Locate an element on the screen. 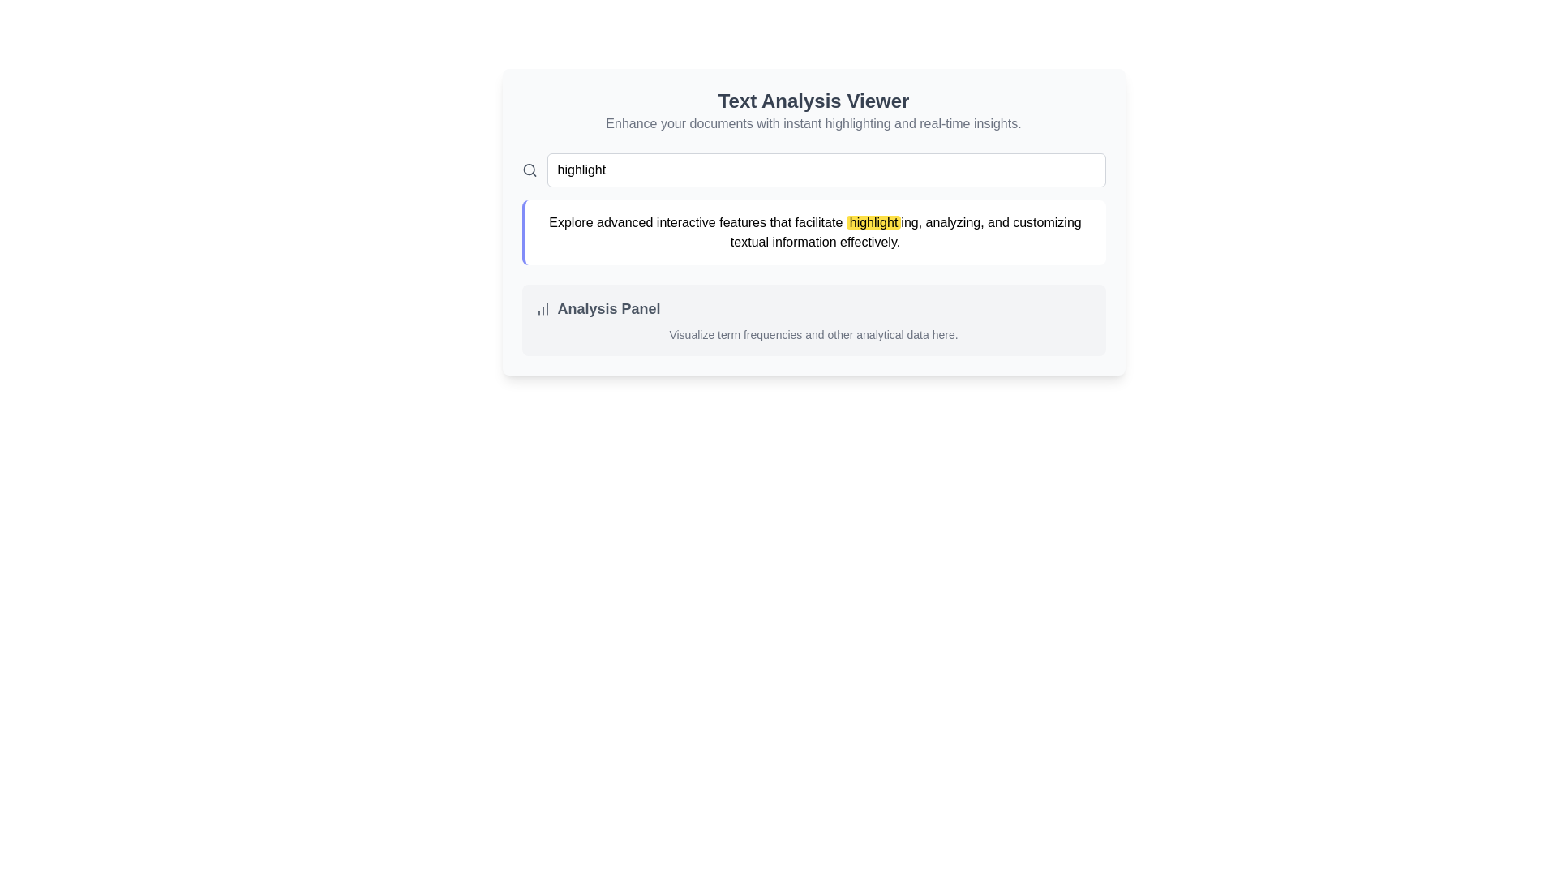 The width and height of the screenshot is (1557, 876). the Search icon located to the left of the text input field is located at coordinates (529, 170).